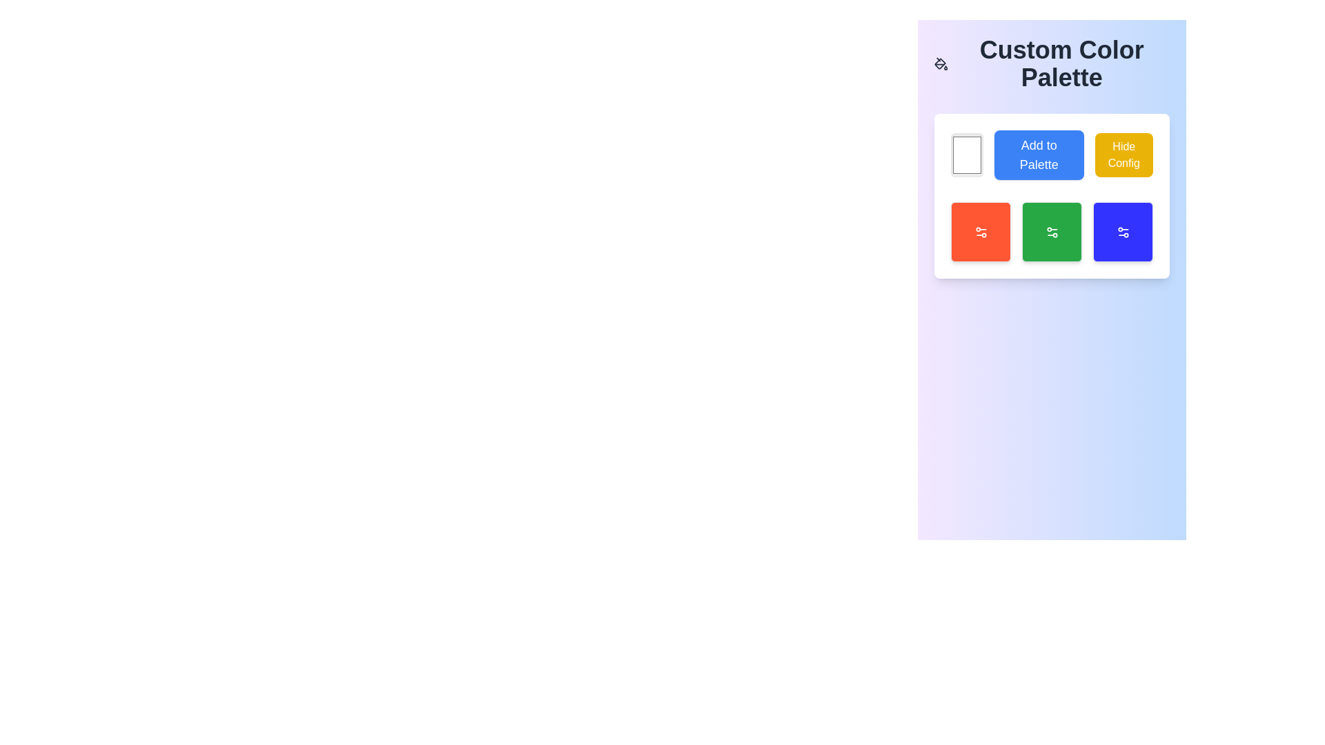 Image resolution: width=1325 pixels, height=745 pixels. What do you see at coordinates (939, 63) in the screenshot?
I see `the Decorative Icon, which is a stylized graphical element with sharp geometric lines located near the top-left corner of the interface, next to the 'Custom Color Palette' label` at bounding box center [939, 63].